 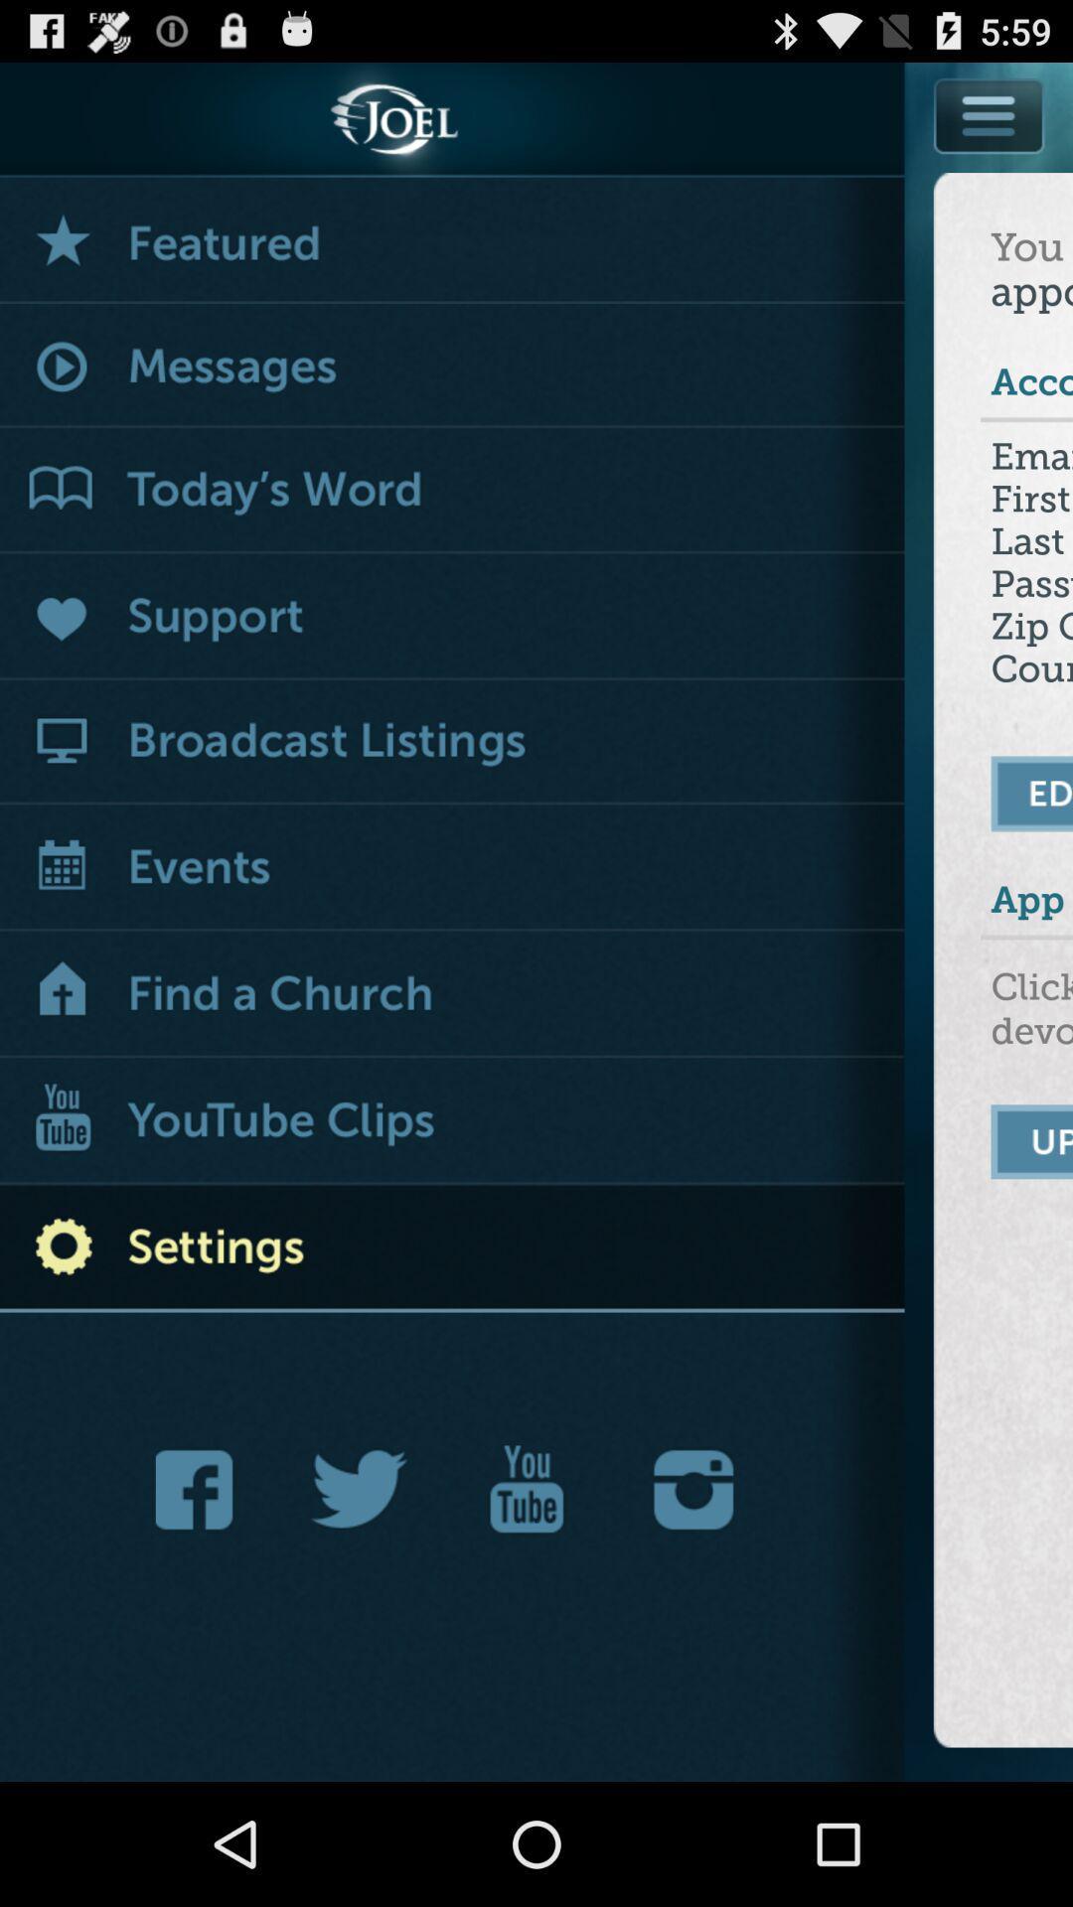 I want to click on youtube, so click(x=526, y=1489).